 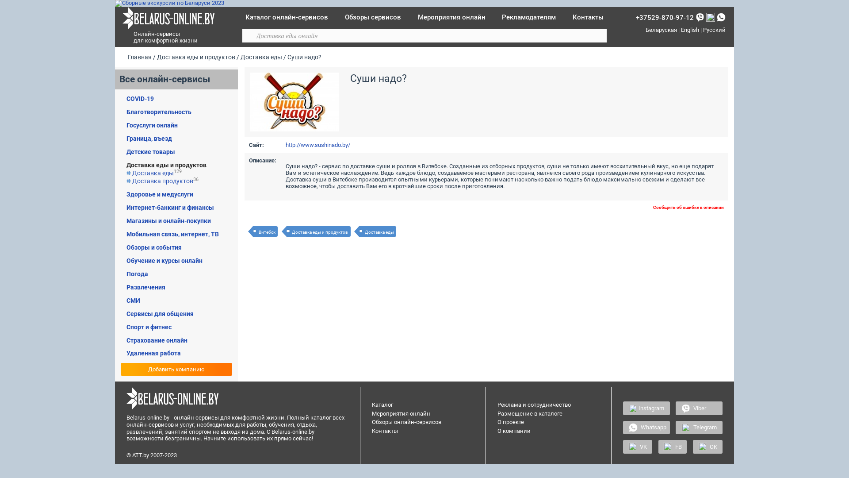 I want to click on 'VK', so click(x=637, y=447).